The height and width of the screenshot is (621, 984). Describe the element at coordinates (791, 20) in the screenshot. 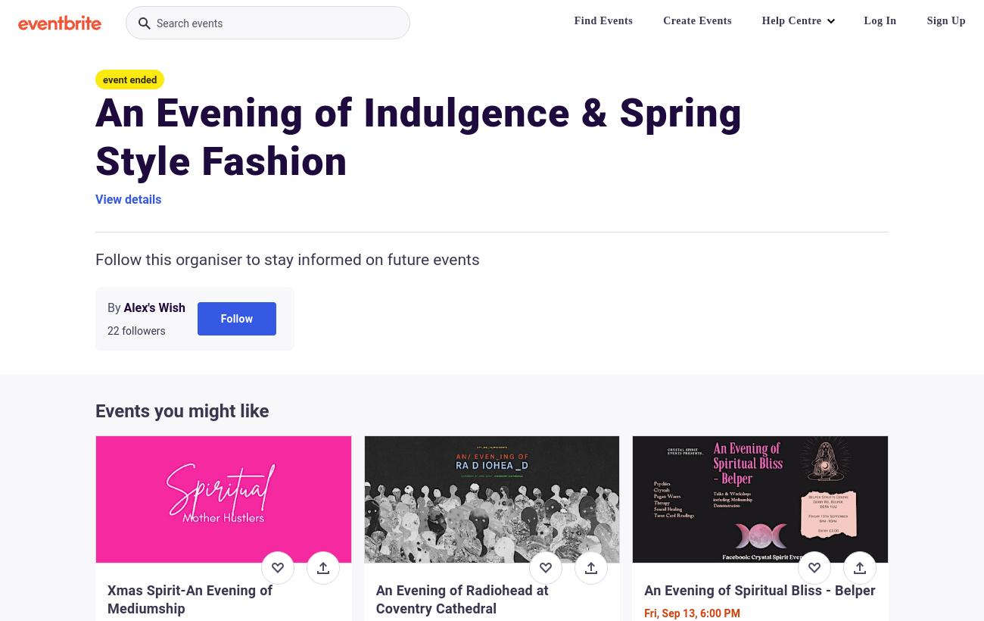

I see `'Help Centre'` at that location.